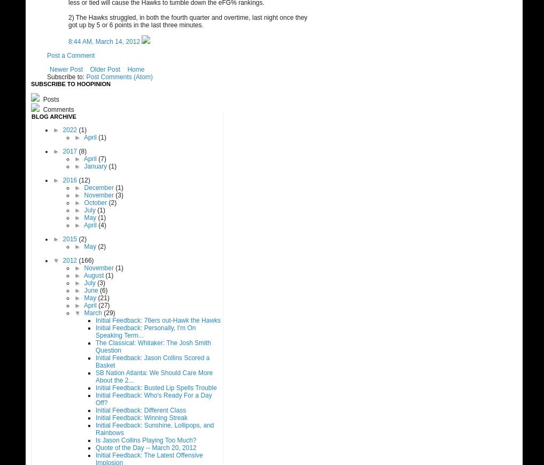 This screenshot has width=544, height=465. Describe the element at coordinates (53, 116) in the screenshot. I see `'Blog Archive'` at that location.